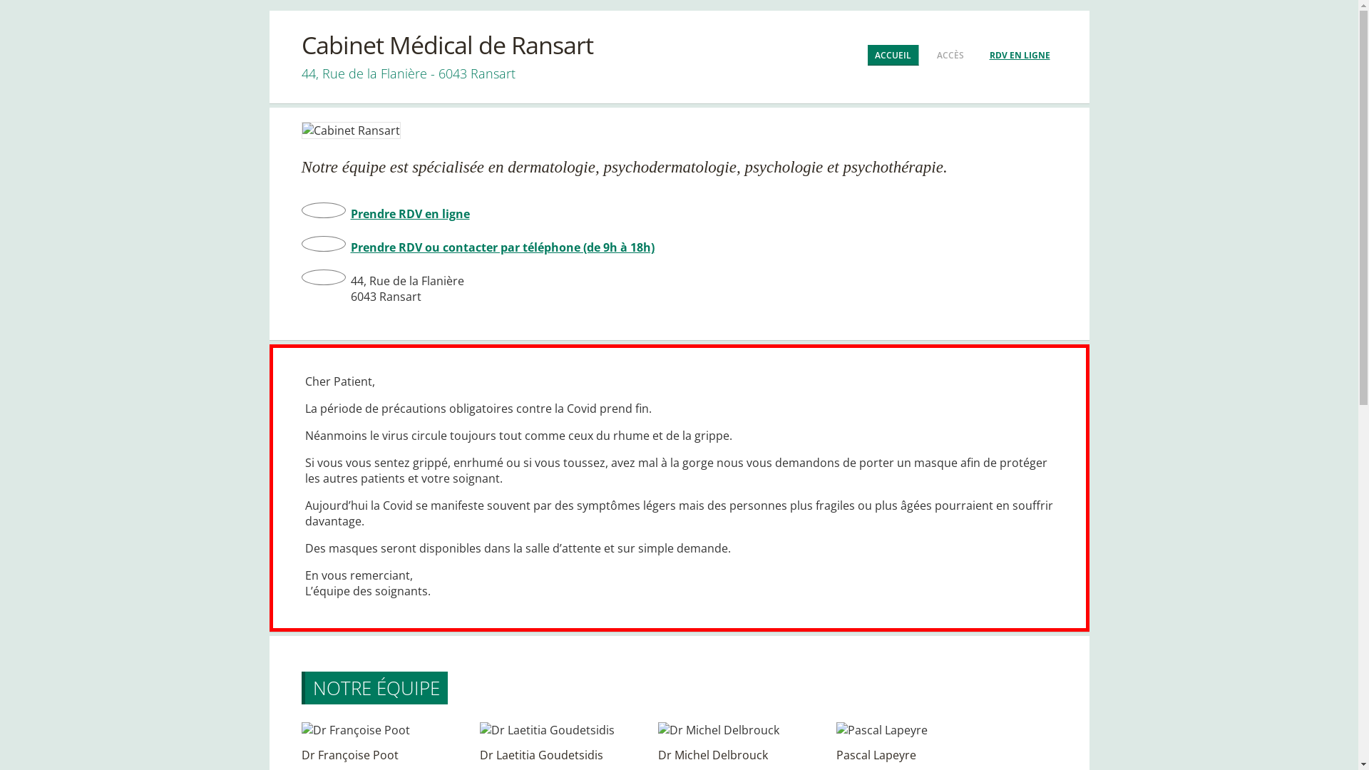  I want to click on 'RDV EN LIGNE', so click(1019, 54).